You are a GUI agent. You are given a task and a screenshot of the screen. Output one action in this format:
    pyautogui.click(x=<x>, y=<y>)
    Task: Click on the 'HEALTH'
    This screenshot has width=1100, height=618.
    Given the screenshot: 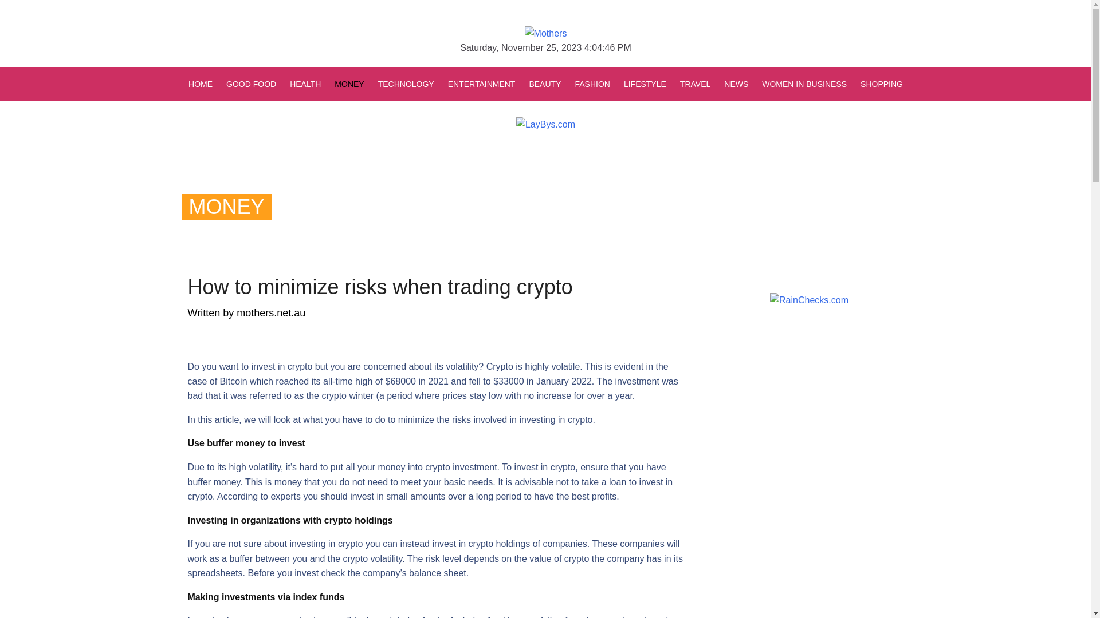 What is the action you would take?
    pyautogui.click(x=305, y=83)
    